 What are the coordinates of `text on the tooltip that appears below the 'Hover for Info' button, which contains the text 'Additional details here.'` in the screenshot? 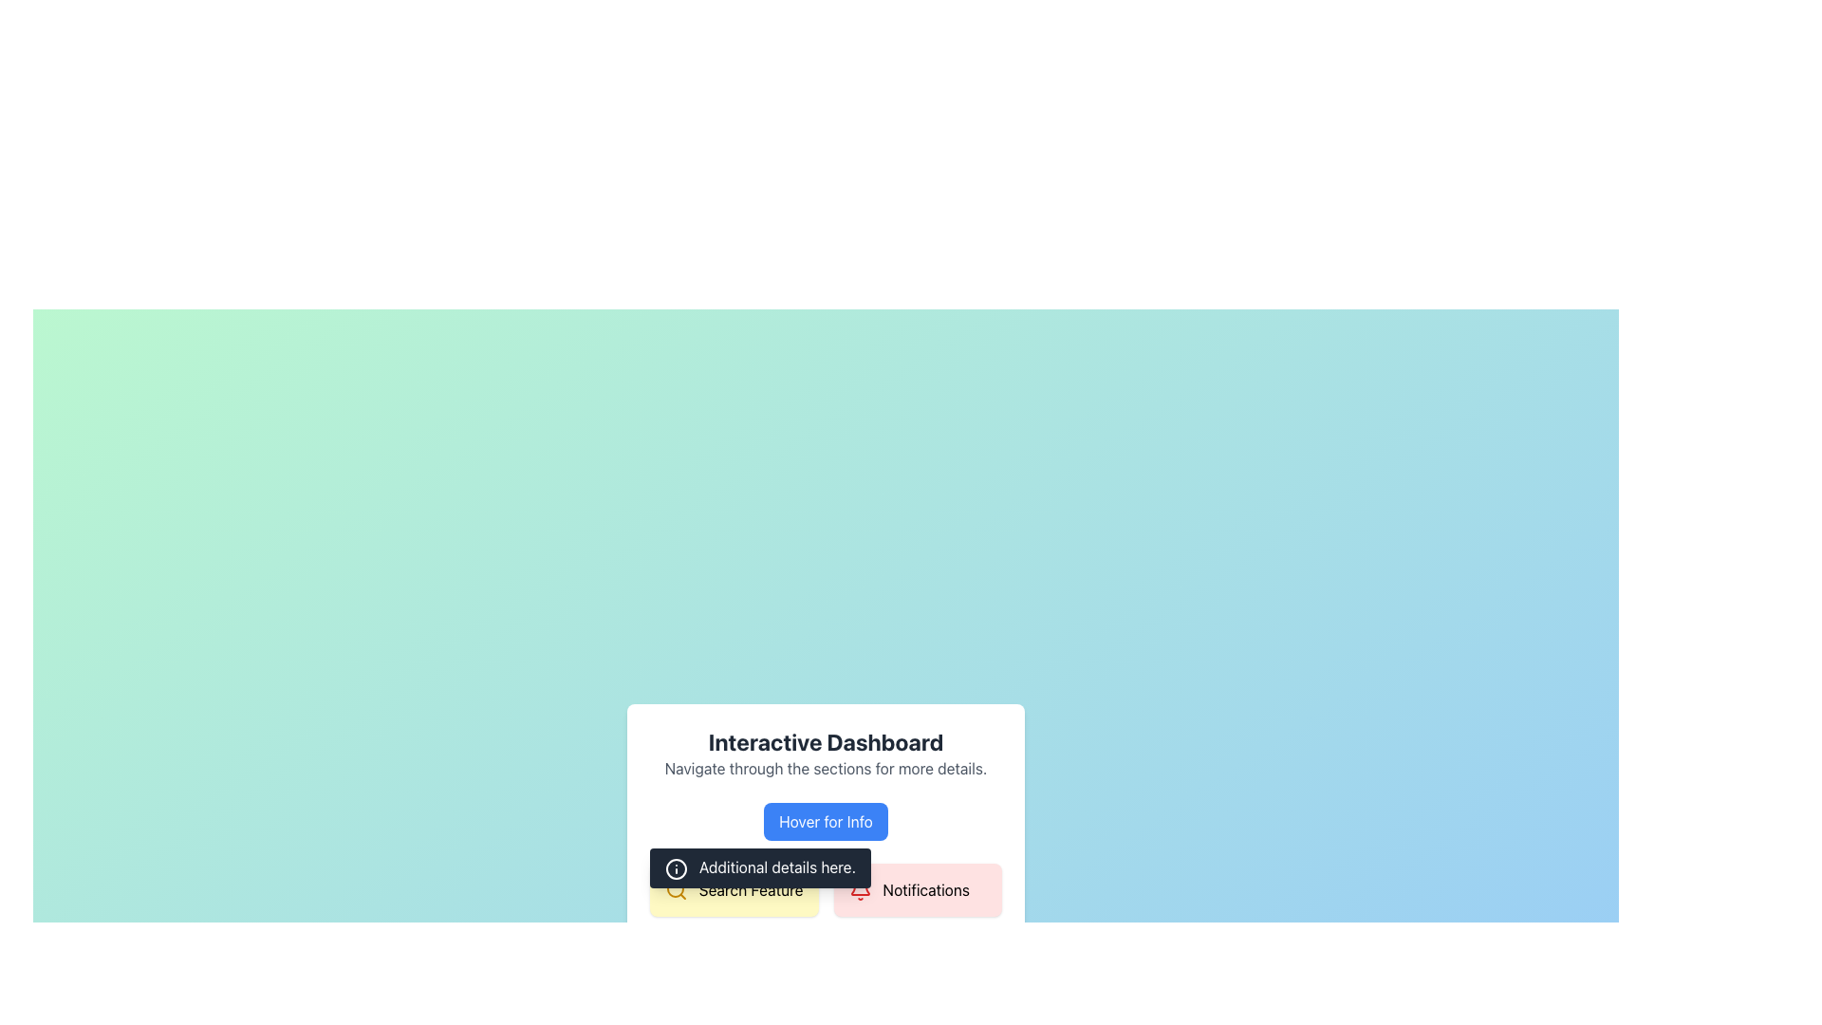 It's located at (760, 867).